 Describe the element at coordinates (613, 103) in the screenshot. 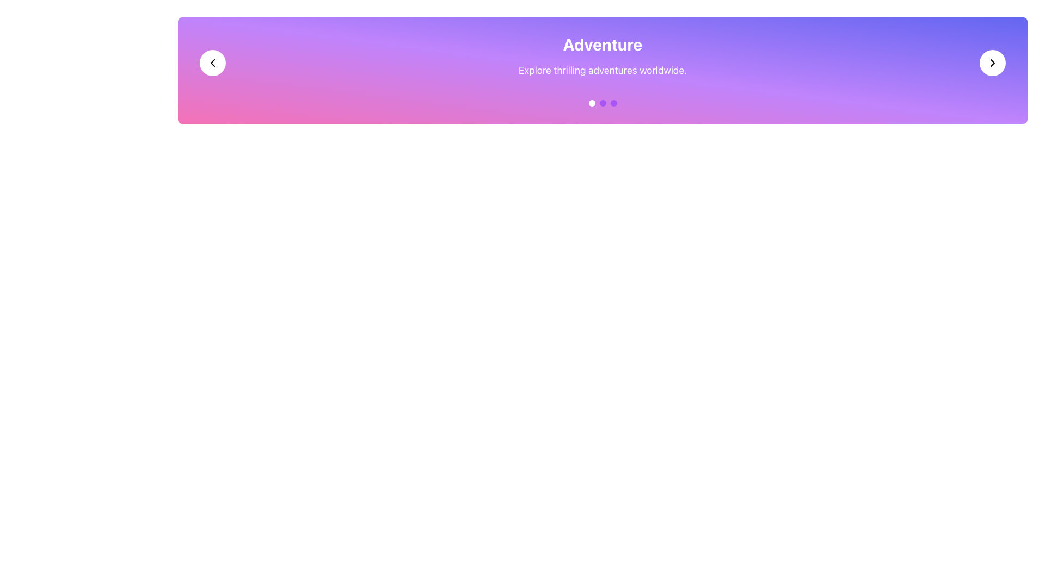

I see `the third circular Carousel Indicator, which is a small purple circle with a smooth gradient located below the header text` at that location.